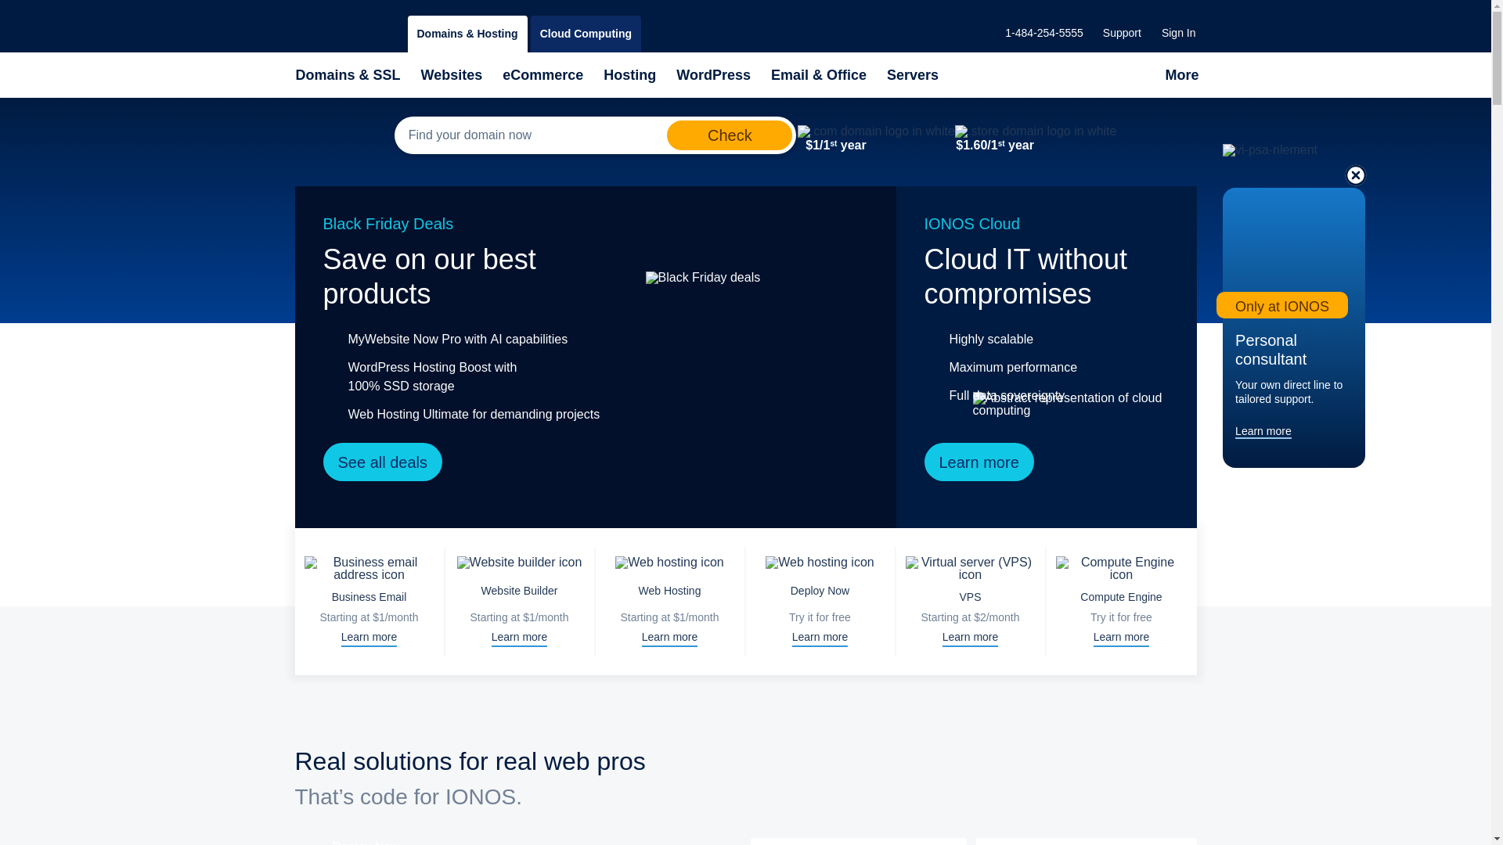 The width and height of the screenshot is (1503, 845). Describe the element at coordinates (629, 75) in the screenshot. I see `'Hosting'` at that location.